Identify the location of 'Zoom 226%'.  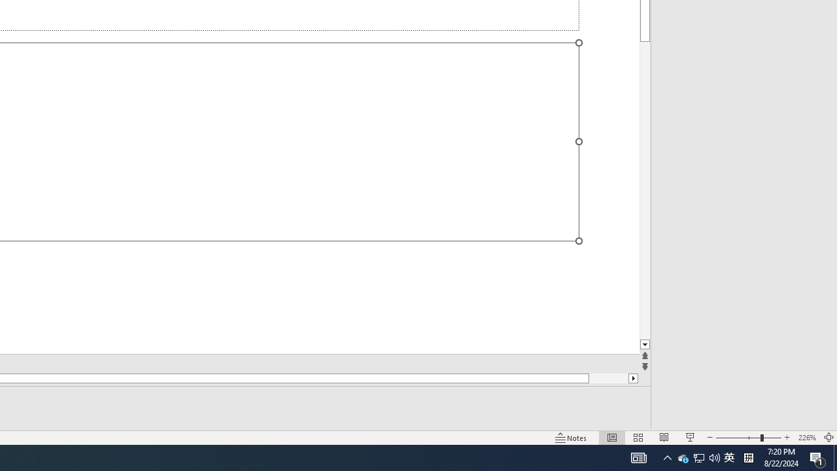
(806, 438).